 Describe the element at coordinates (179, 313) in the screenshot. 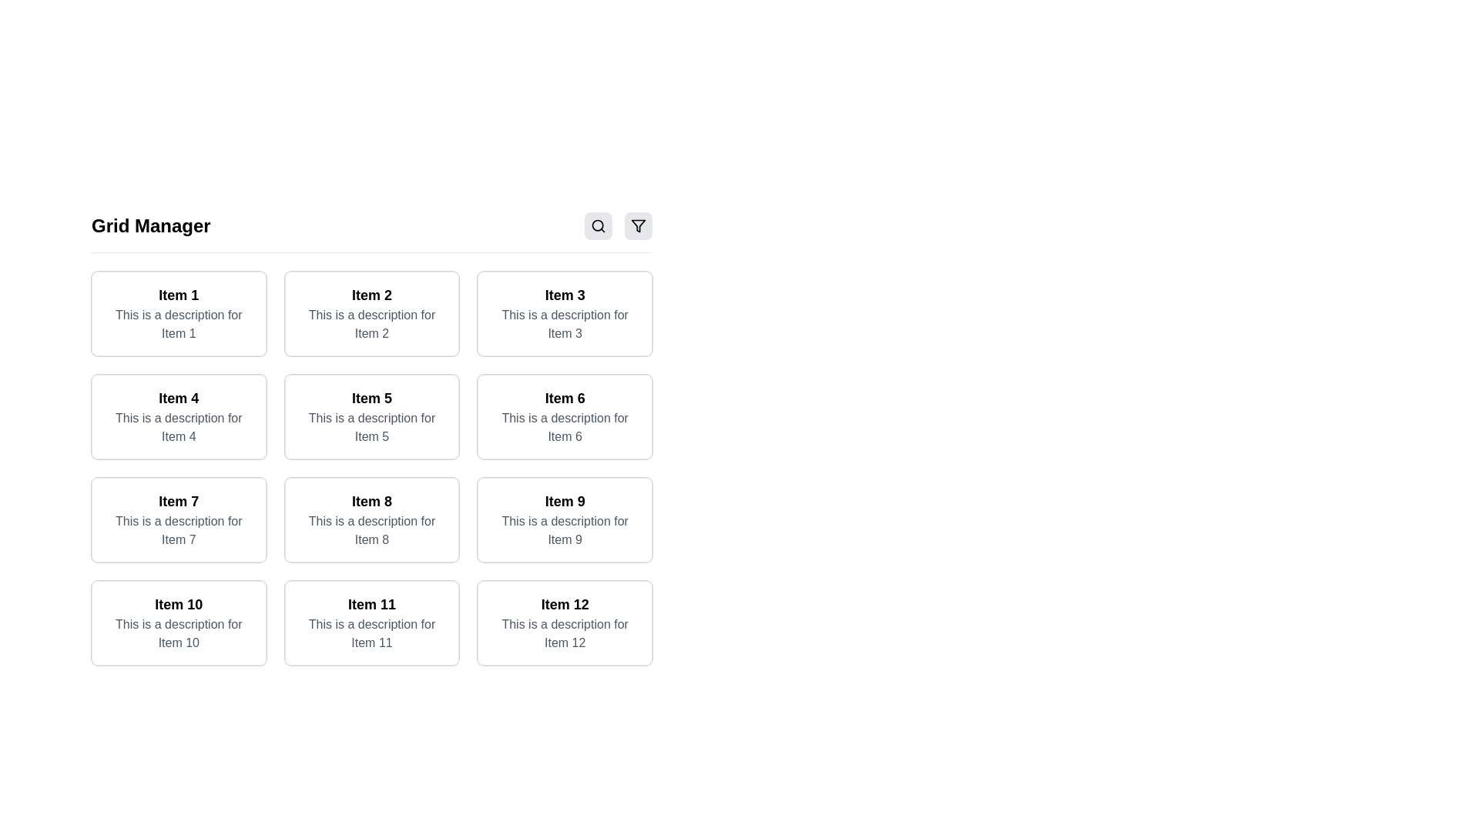

I see `the first card in the grid layout that displays 'Item 1' with its title and description` at that location.